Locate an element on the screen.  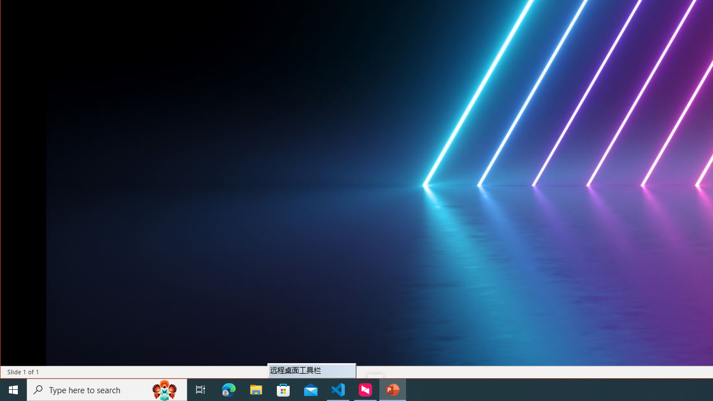
'Search highlights icon opens search home window' is located at coordinates (164, 389).